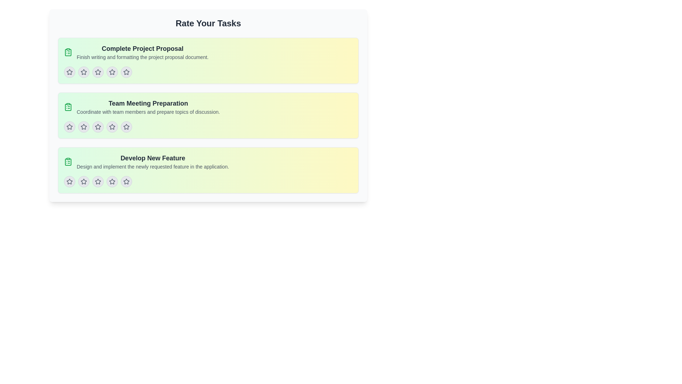 Image resolution: width=682 pixels, height=384 pixels. Describe the element at coordinates (112, 181) in the screenshot. I see `the fourth star icon` at that location.